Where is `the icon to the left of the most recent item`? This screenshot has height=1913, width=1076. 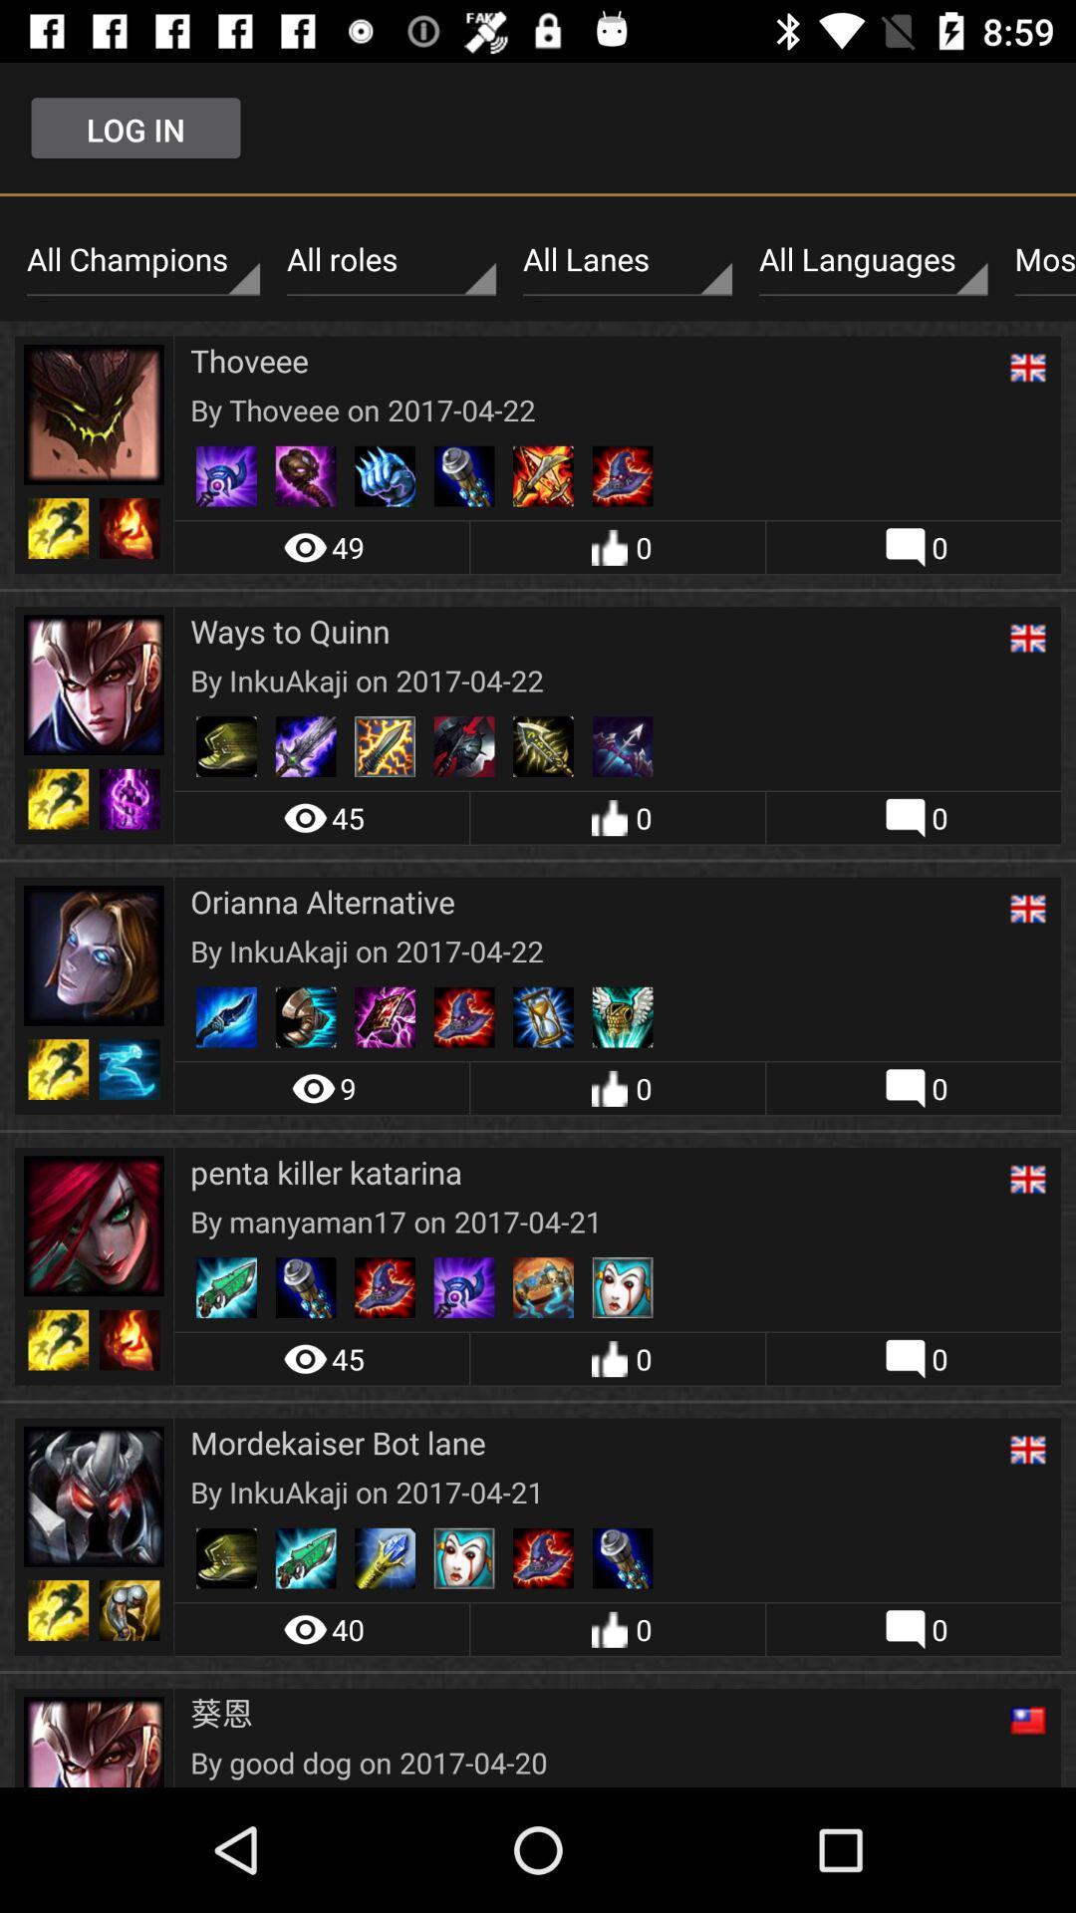
the icon to the left of the most recent item is located at coordinates (872, 259).